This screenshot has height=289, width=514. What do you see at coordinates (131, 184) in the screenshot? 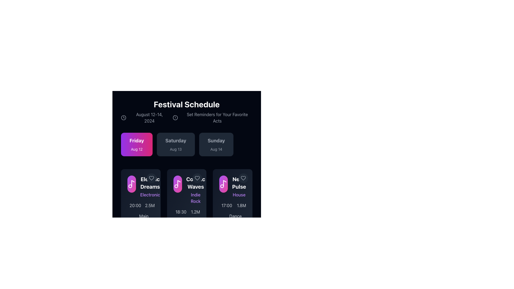
I see `the Icon button representing the 'Electric Dreams' musical track from its position in the top-left corner` at bounding box center [131, 184].